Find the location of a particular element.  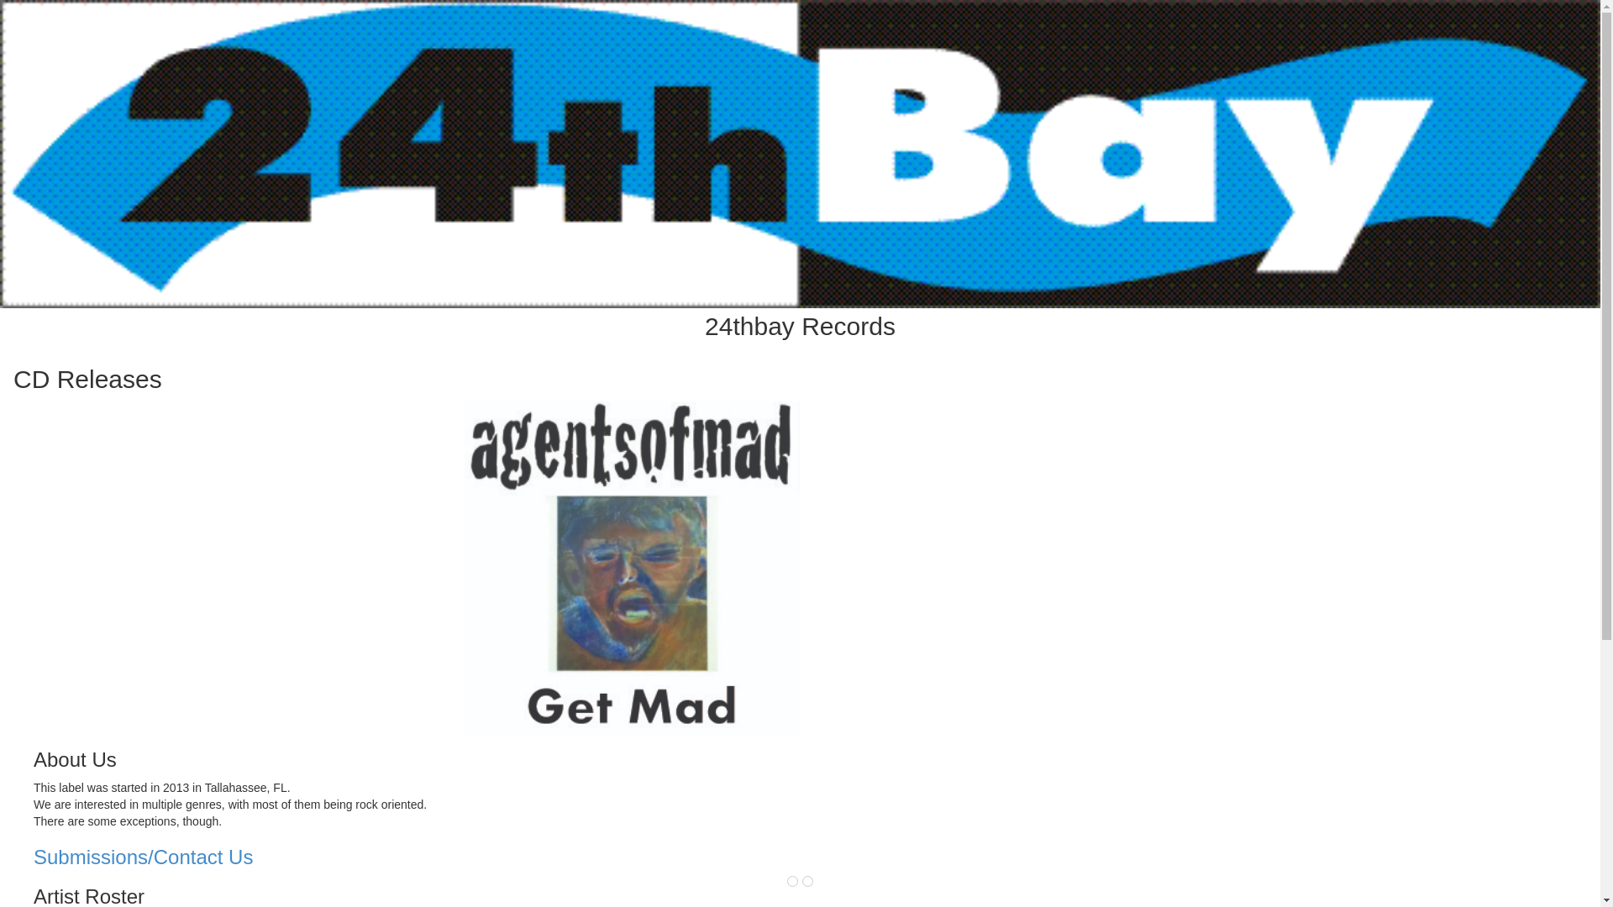

'Submissions/Contact Us' is located at coordinates (33, 857).